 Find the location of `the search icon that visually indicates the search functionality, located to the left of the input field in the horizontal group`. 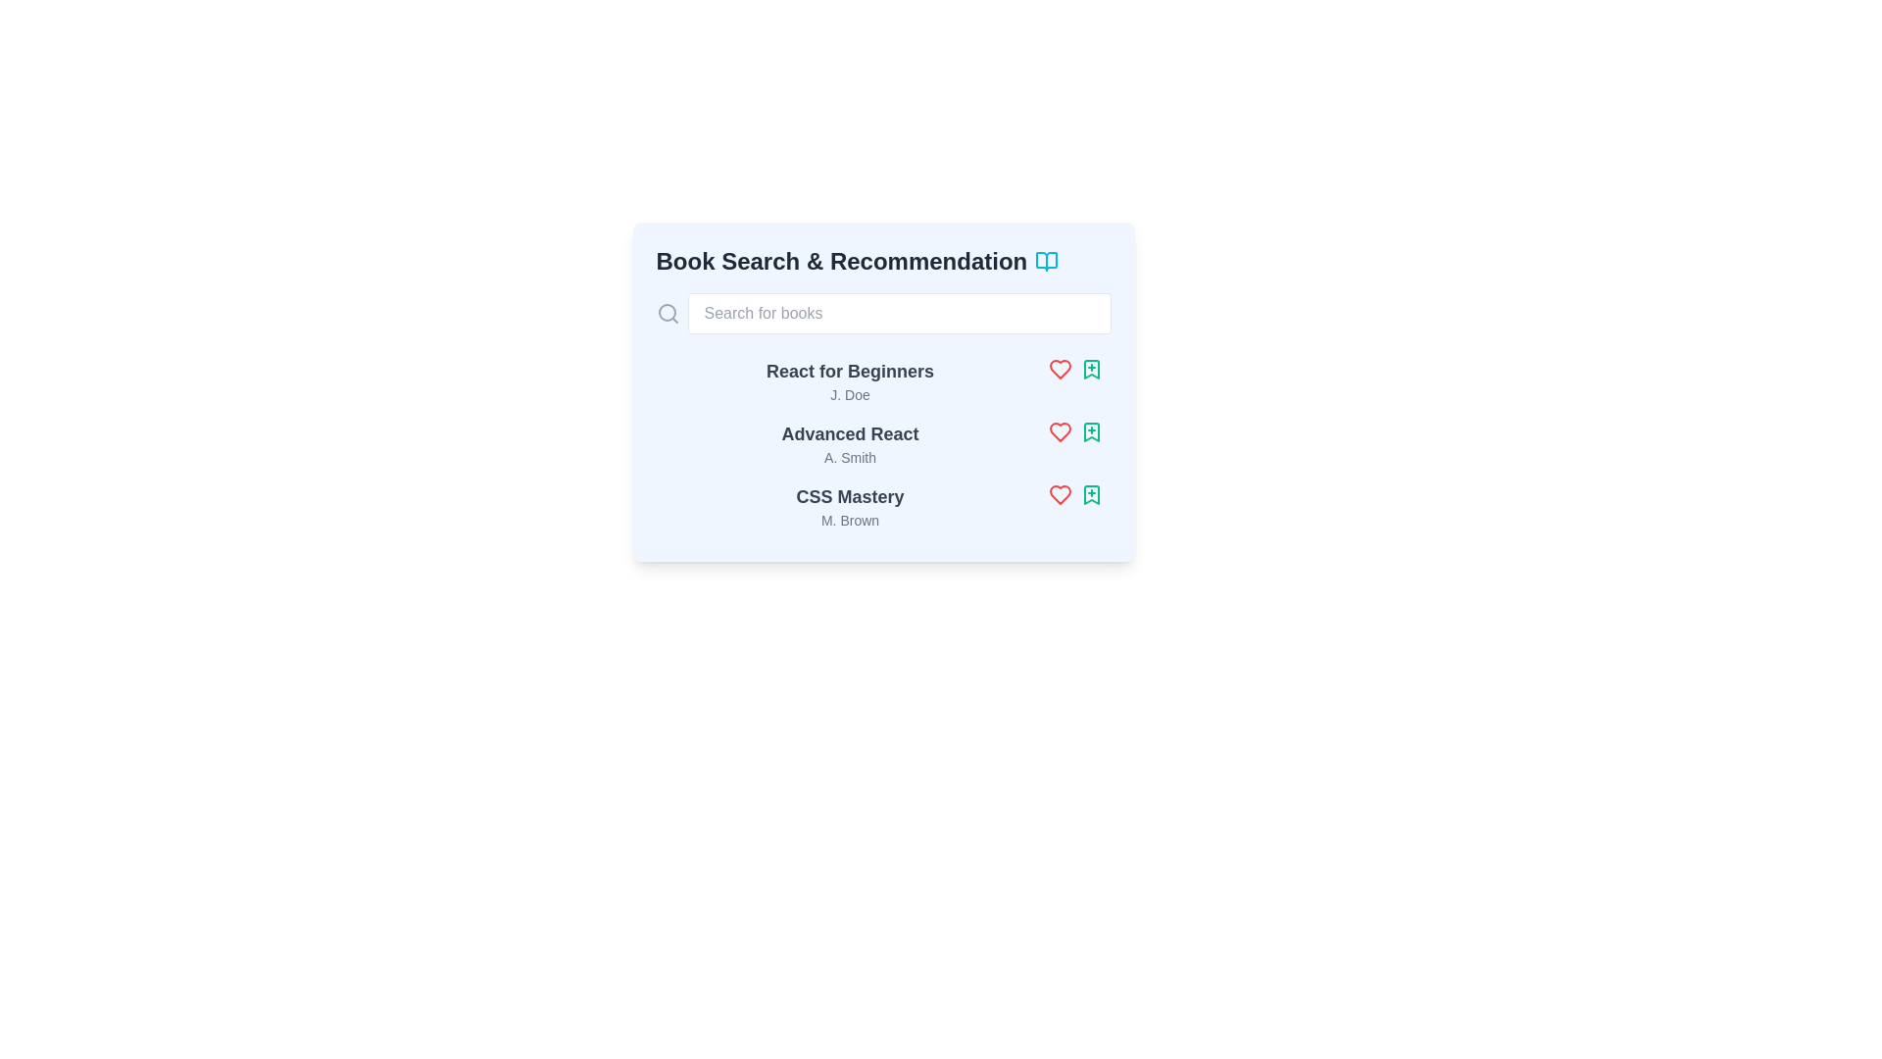

the search icon that visually indicates the search functionality, located to the left of the input field in the horizontal group is located at coordinates (668, 313).